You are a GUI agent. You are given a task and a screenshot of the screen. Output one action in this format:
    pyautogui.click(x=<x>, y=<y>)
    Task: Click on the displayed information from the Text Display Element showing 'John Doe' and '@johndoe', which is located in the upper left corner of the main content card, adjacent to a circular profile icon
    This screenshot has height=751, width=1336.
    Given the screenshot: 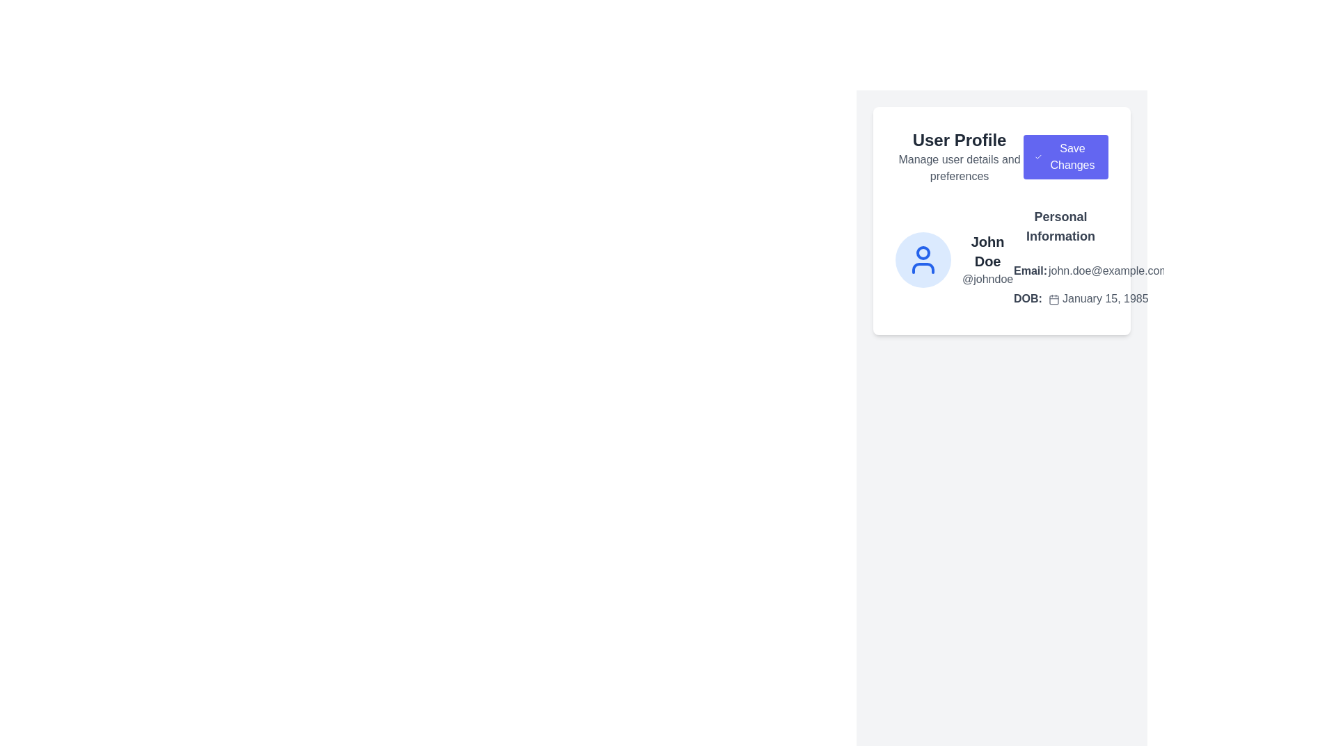 What is the action you would take?
    pyautogui.click(x=987, y=260)
    